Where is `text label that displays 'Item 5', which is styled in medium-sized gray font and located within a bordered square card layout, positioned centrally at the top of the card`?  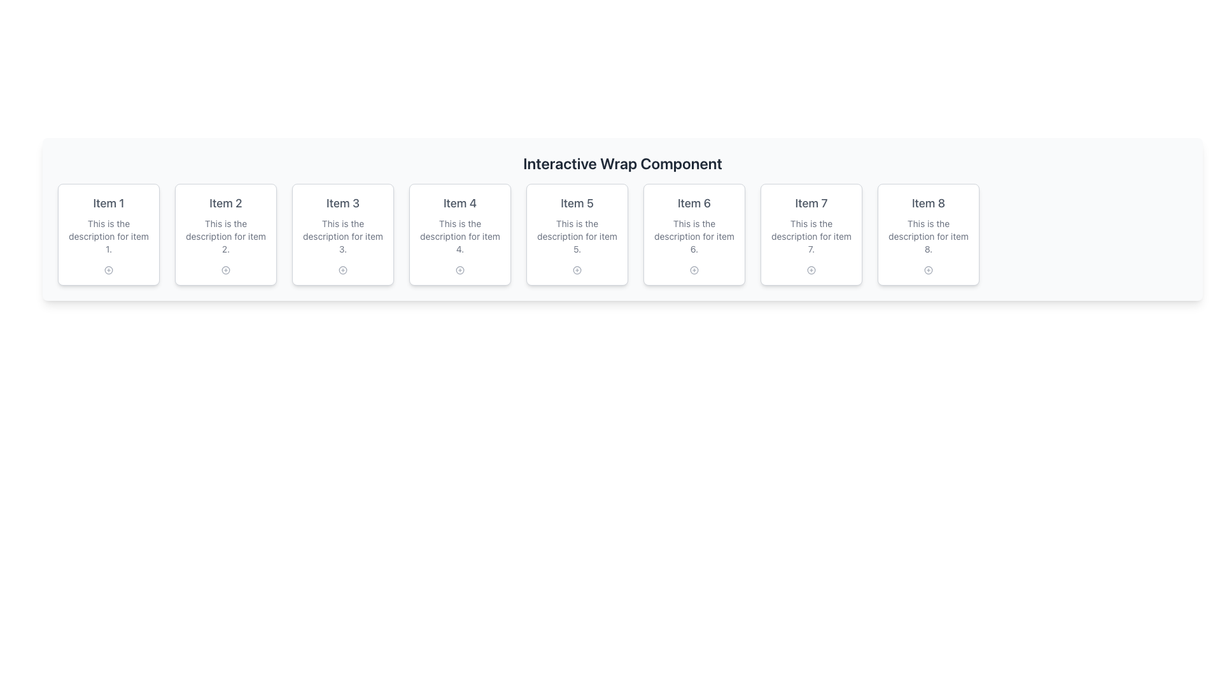 text label that displays 'Item 5', which is styled in medium-sized gray font and located within a bordered square card layout, positioned centrally at the top of the card is located at coordinates (577, 203).